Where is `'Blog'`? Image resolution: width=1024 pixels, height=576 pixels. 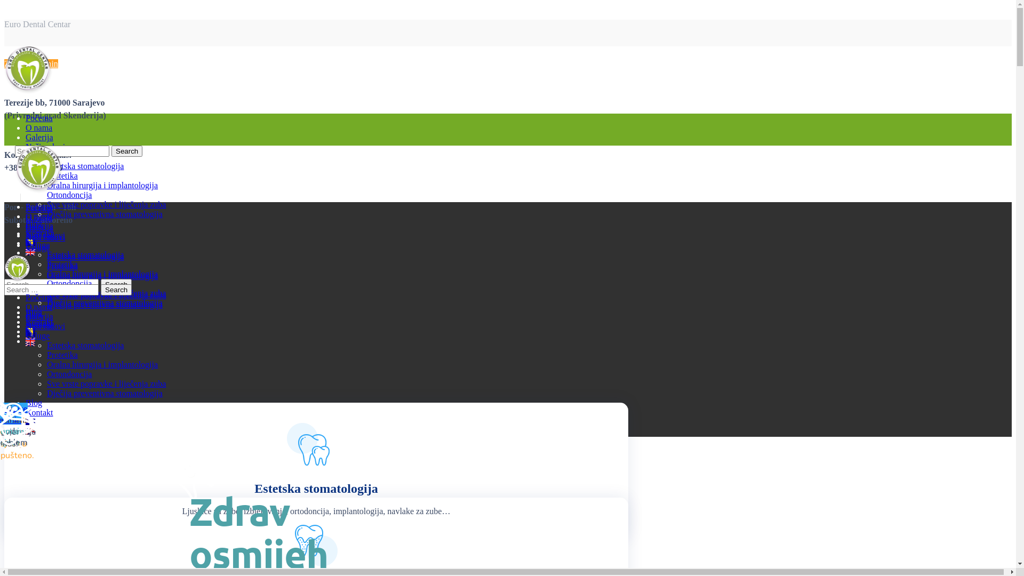
'Blog' is located at coordinates (34, 314).